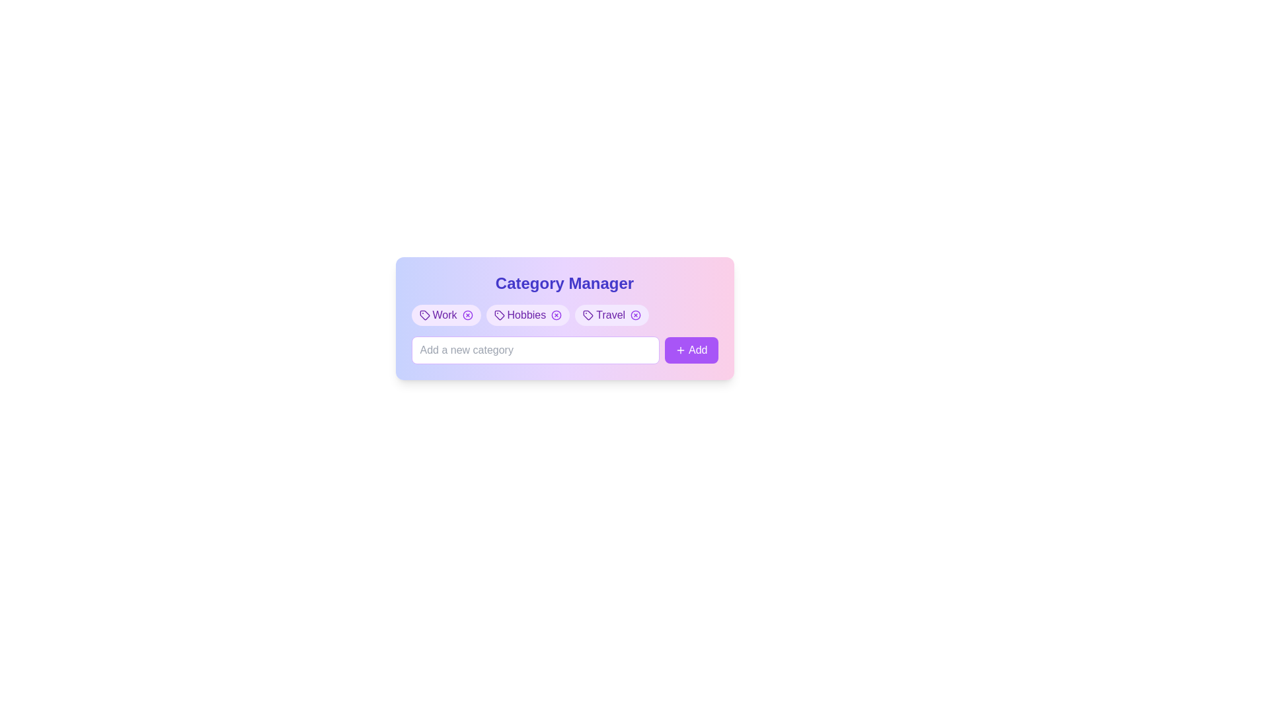 The width and height of the screenshot is (1269, 714). I want to click on the circular graphical element styled as part of a deletion option inside the 'Travel' tag in the category manager interface, so click(636, 315).